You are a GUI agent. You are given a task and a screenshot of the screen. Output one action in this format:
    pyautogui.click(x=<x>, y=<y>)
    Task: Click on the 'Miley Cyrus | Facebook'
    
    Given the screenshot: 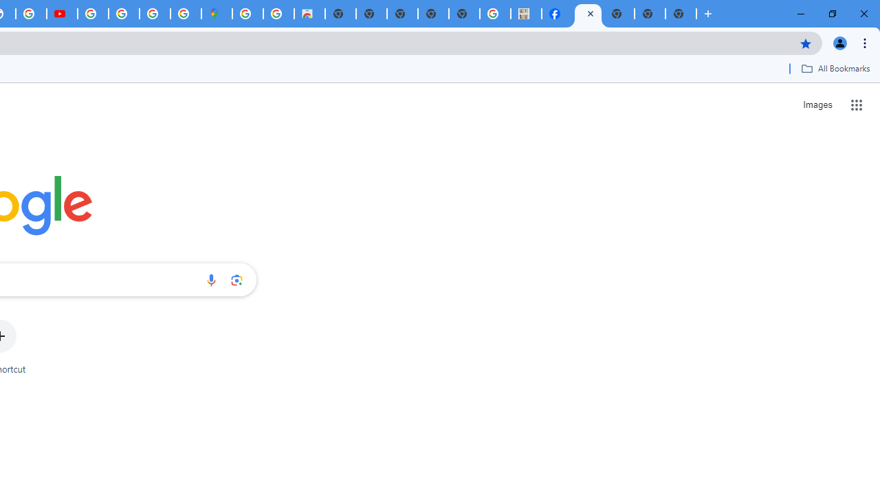 What is the action you would take?
    pyautogui.click(x=557, y=14)
    